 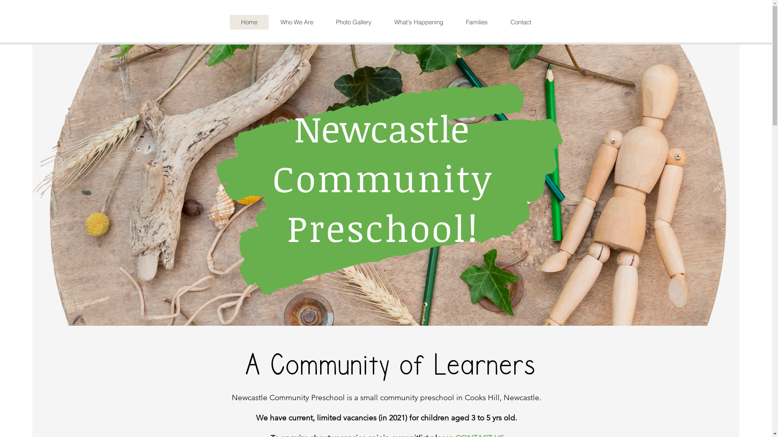 I want to click on 'Families', so click(x=477, y=21).